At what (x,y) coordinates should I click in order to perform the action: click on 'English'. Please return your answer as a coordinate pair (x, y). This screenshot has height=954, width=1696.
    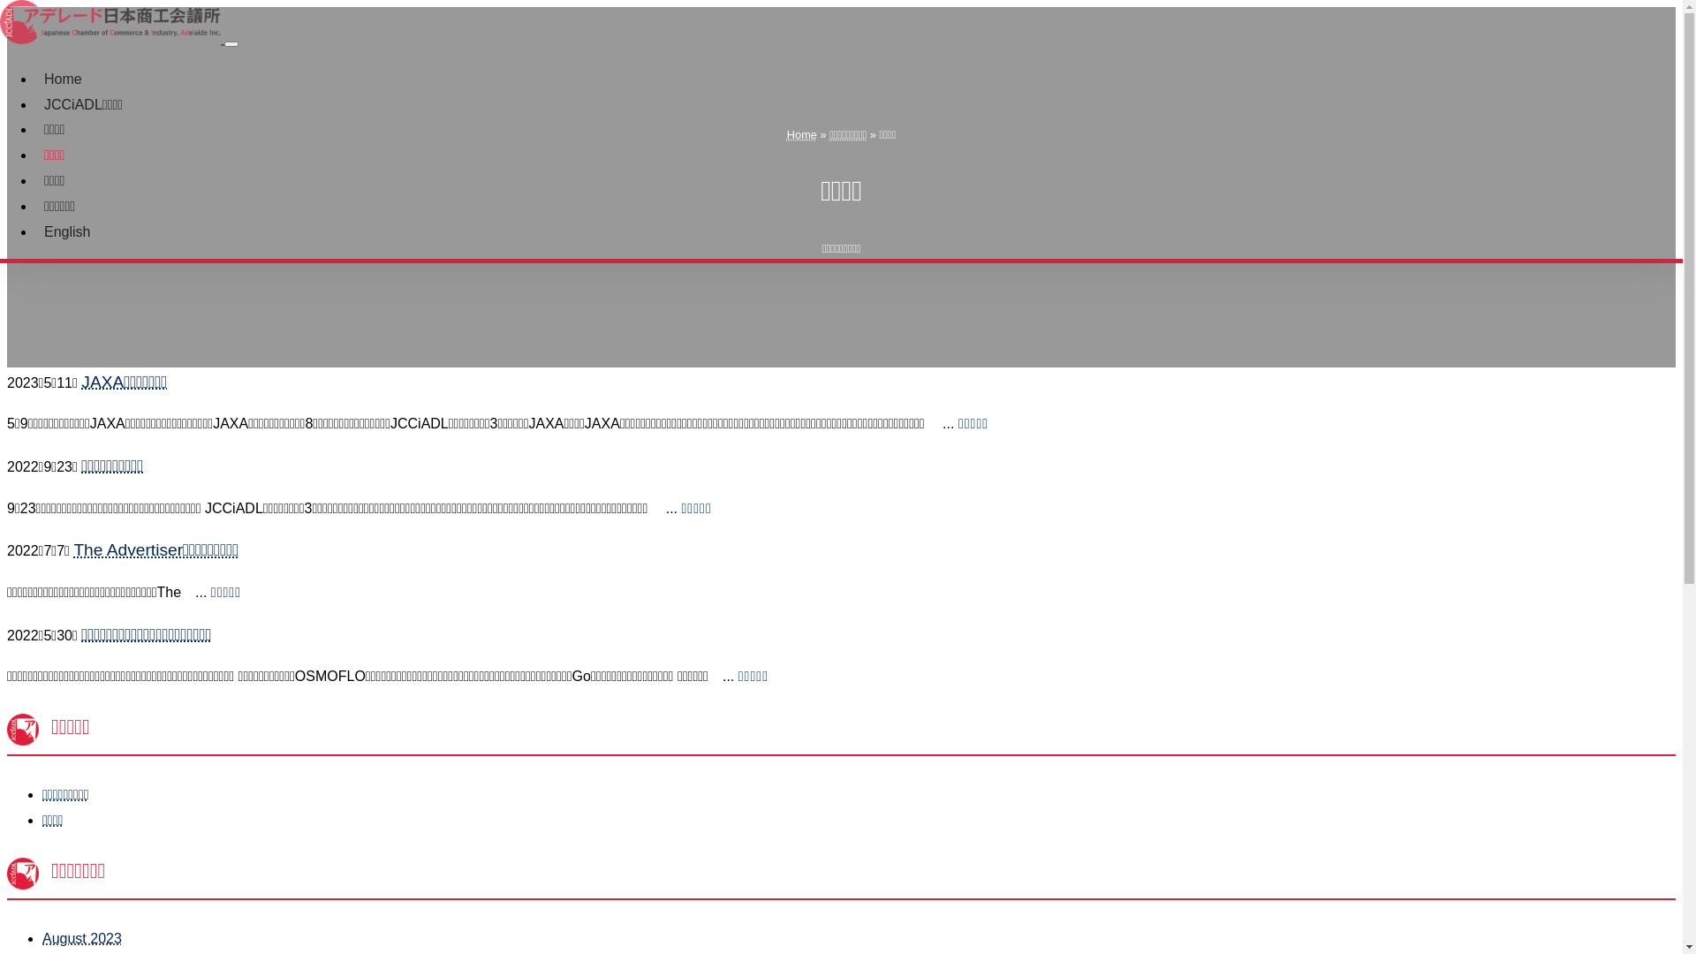
    Looking at the image, I should click on (34, 231).